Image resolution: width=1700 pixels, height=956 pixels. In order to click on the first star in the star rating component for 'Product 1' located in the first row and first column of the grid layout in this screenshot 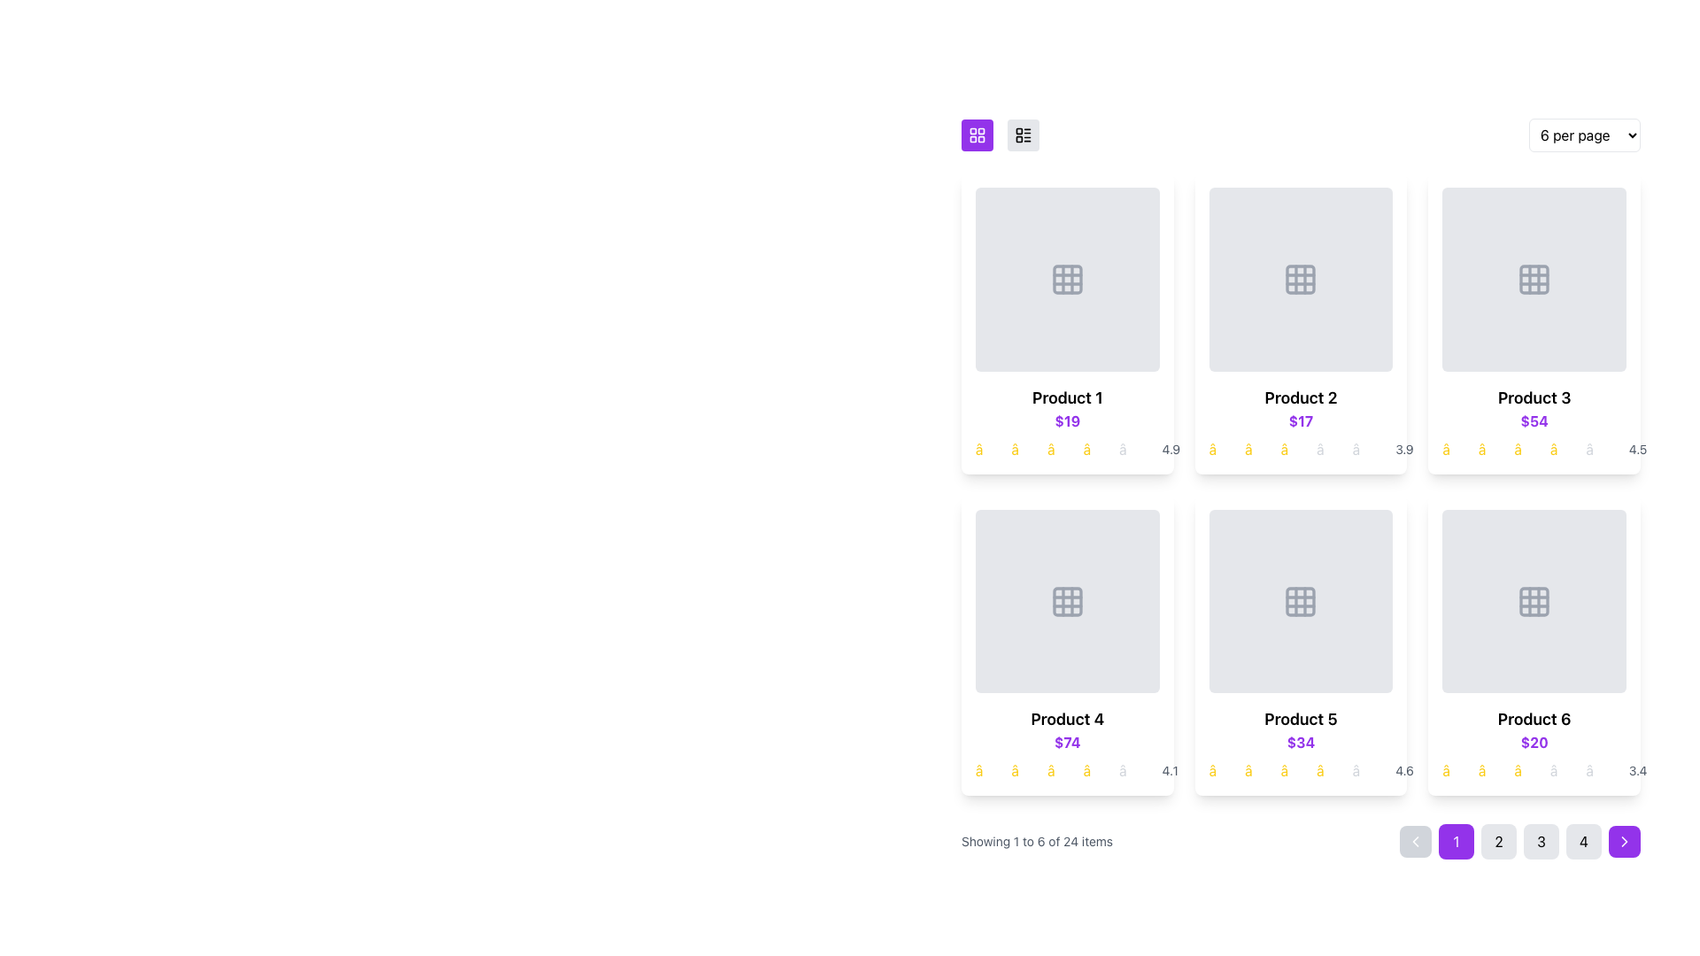, I will do `click(993, 448)`.